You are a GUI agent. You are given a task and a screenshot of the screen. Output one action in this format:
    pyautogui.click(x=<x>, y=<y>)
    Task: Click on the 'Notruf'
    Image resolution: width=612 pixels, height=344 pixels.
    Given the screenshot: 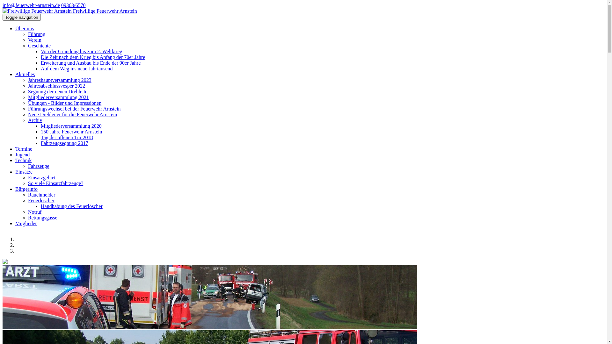 What is the action you would take?
    pyautogui.click(x=34, y=212)
    